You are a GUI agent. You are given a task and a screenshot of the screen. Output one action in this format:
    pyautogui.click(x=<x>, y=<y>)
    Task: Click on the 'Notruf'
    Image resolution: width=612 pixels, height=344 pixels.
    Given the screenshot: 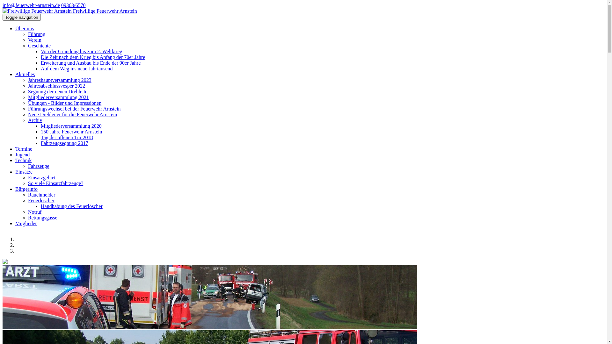 What is the action you would take?
    pyautogui.click(x=34, y=212)
    